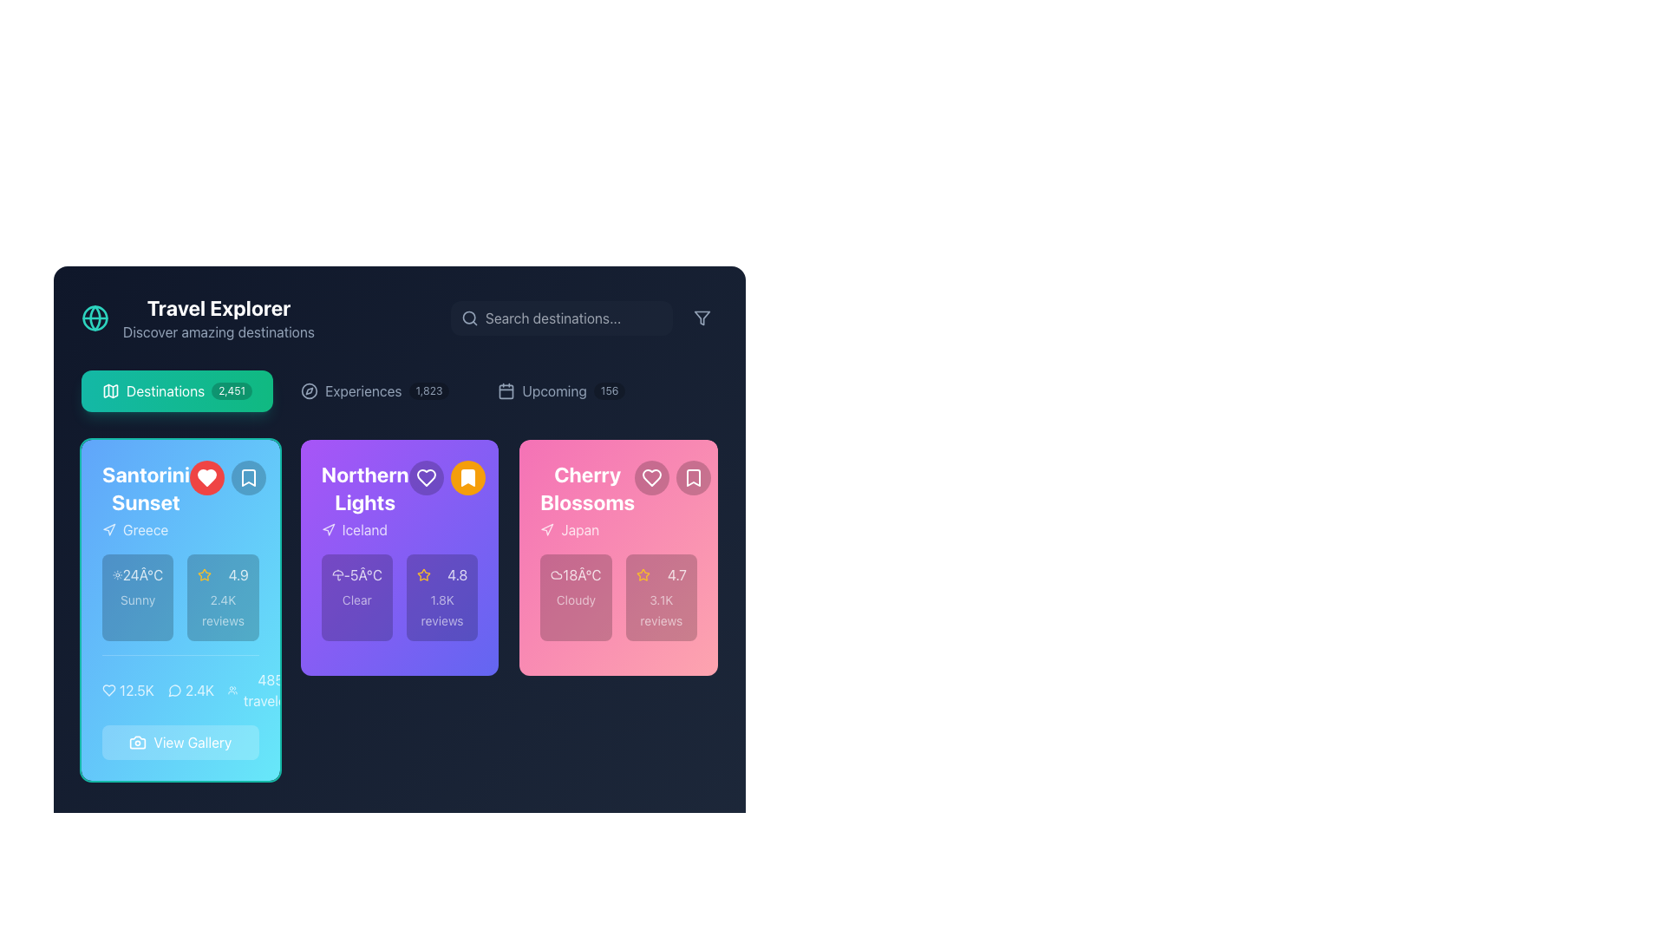 This screenshot has height=937, width=1665. Describe the element at coordinates (374, 391) in the screenshot. I see `the navigation button located between the 'Destinations' button and the 'Upcoming' button` at that location.